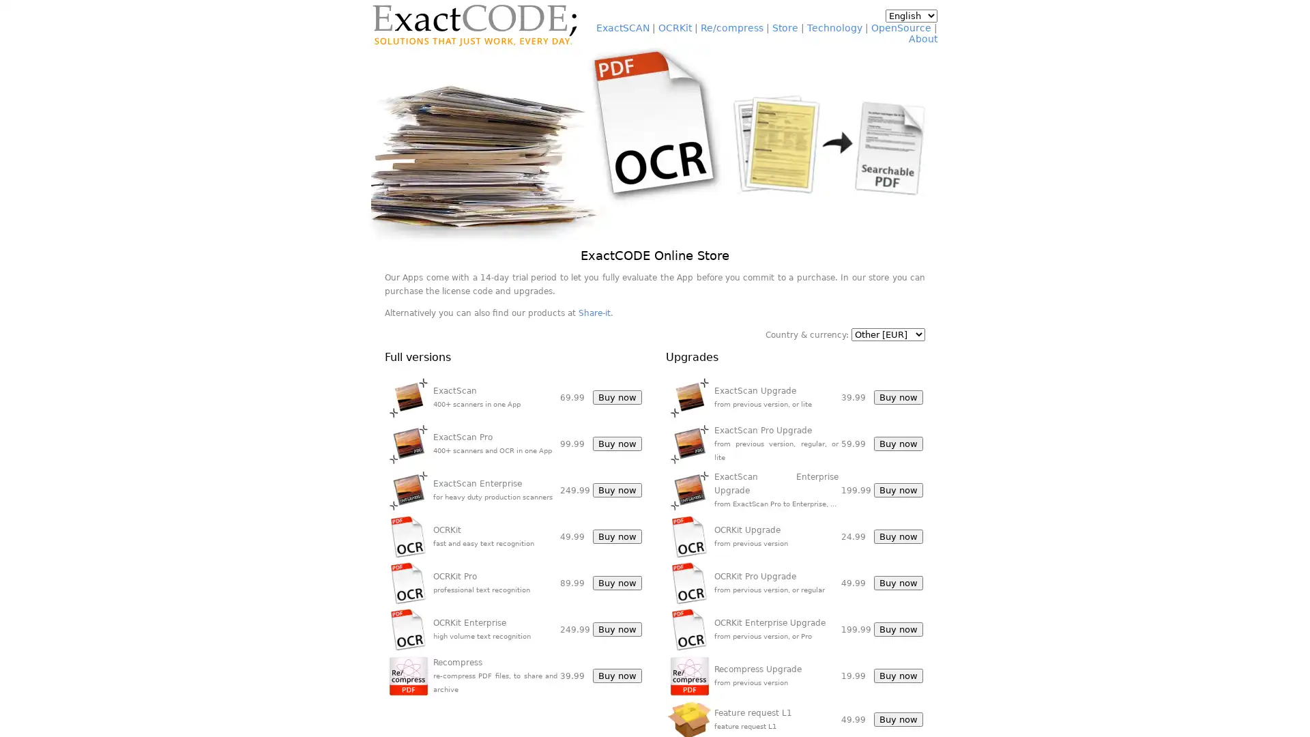  I want to click on Buy now, so click(617, 397).